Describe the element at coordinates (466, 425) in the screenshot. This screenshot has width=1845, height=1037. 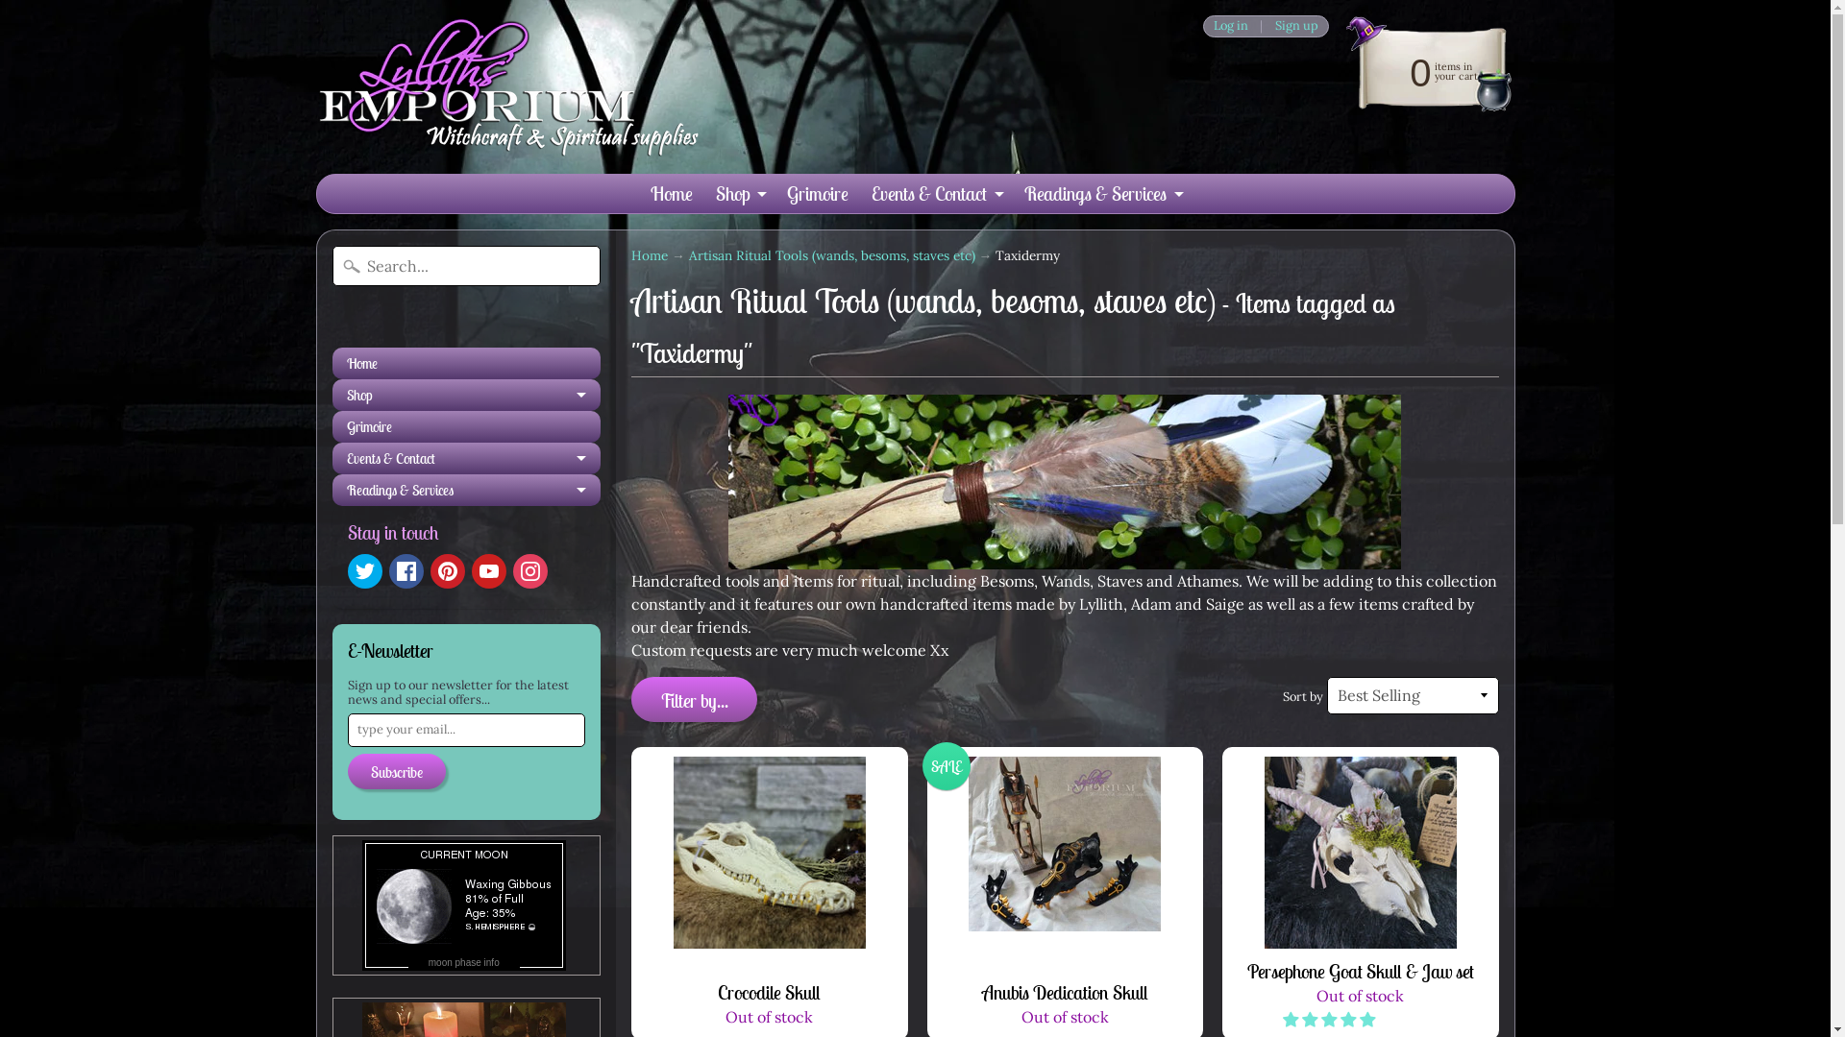
I see `'Grimoire'` at that location.